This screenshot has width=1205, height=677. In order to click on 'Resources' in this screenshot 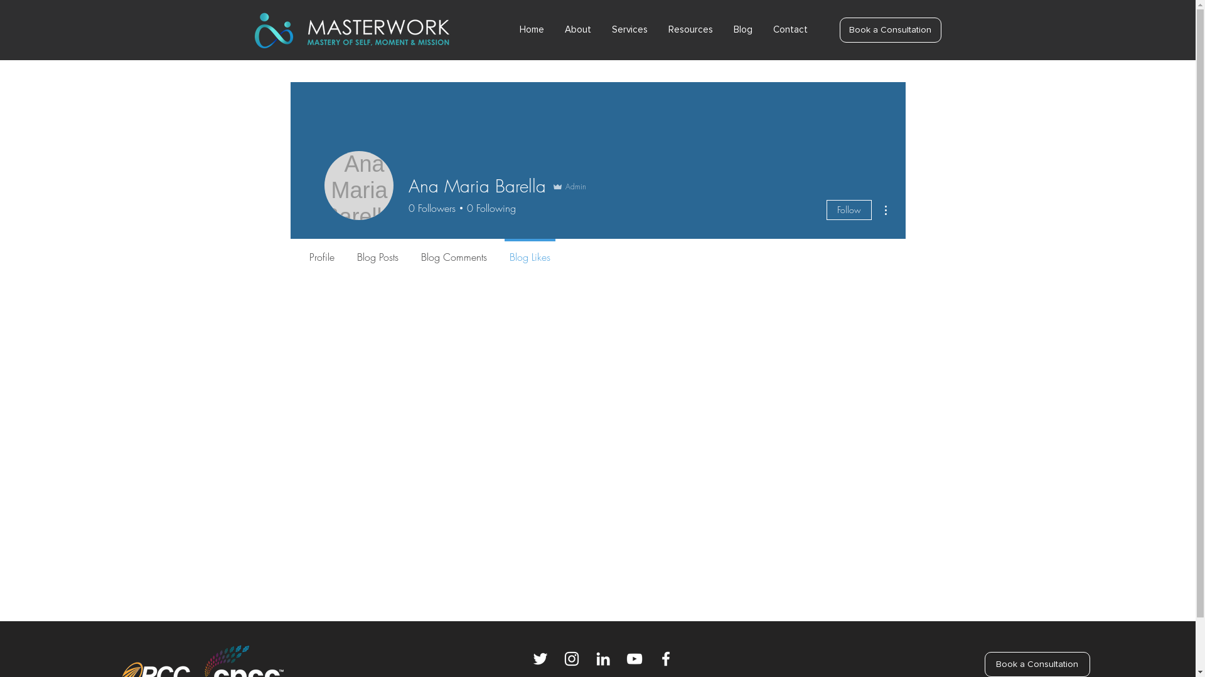, I will do `click(693, 28)`.